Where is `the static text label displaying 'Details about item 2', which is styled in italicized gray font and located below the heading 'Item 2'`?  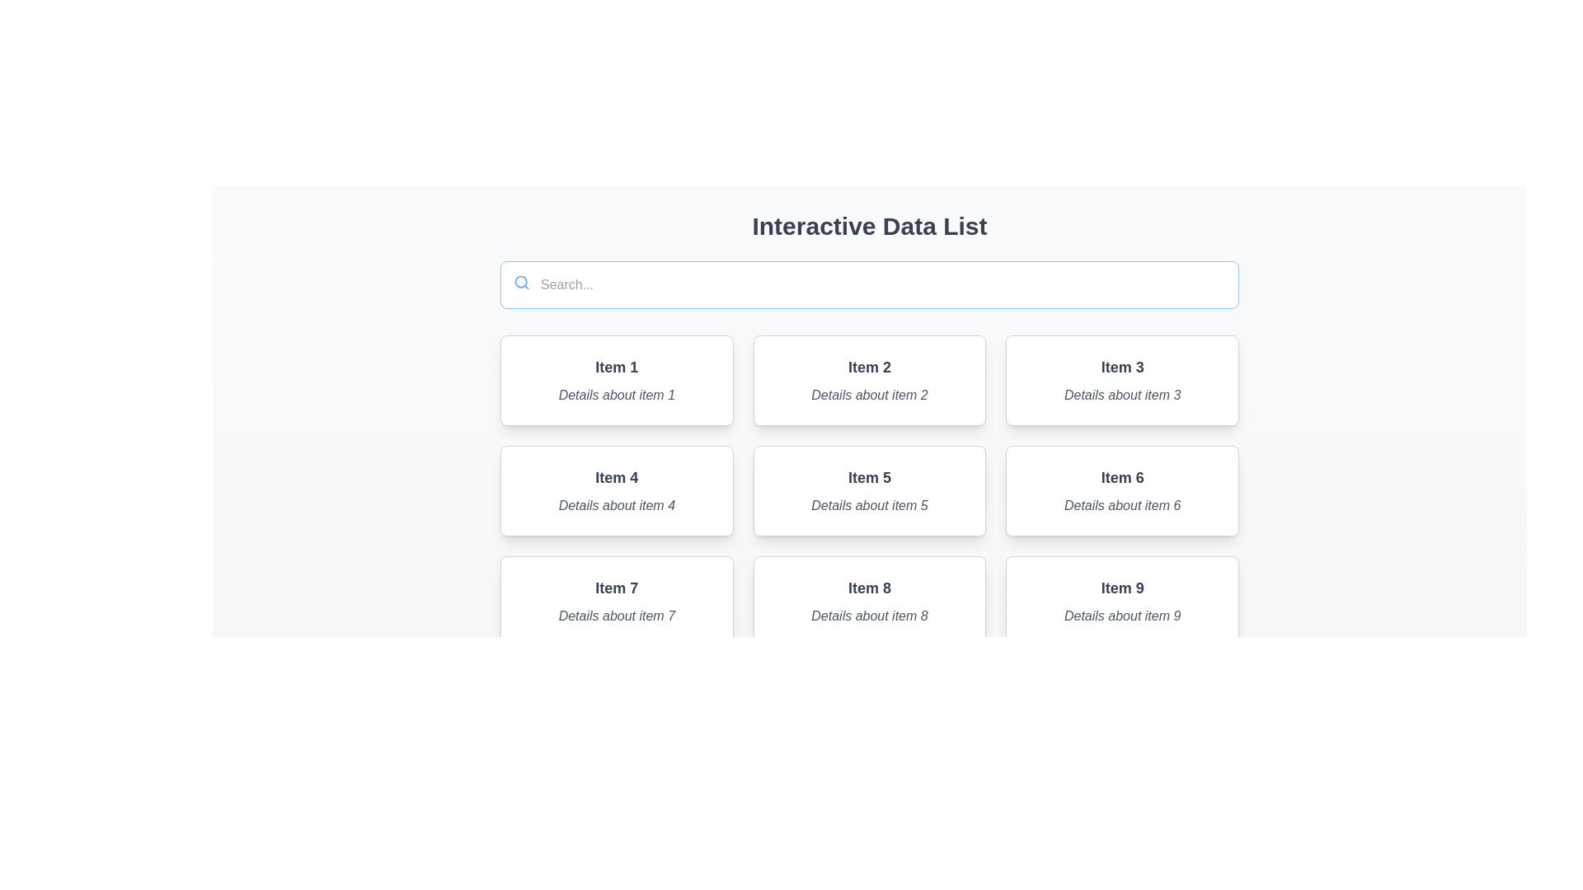
the static text label displaying 'Details about item 2', which is styled in italicized gray font and located below the heading 'Item 2' is located at coordinates (869, 395).